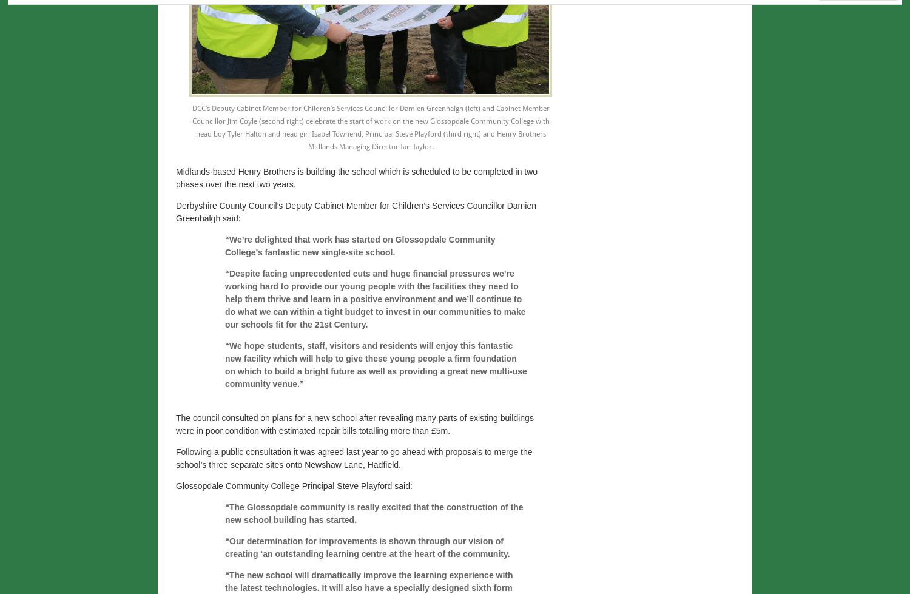 The image size is (910, 594). I want to click on 'The council consulted on plans for a new school after revealing many parts of existing buildings were in poor condition with estimated repair bills totalling more than £5m.', so click(354, 424).